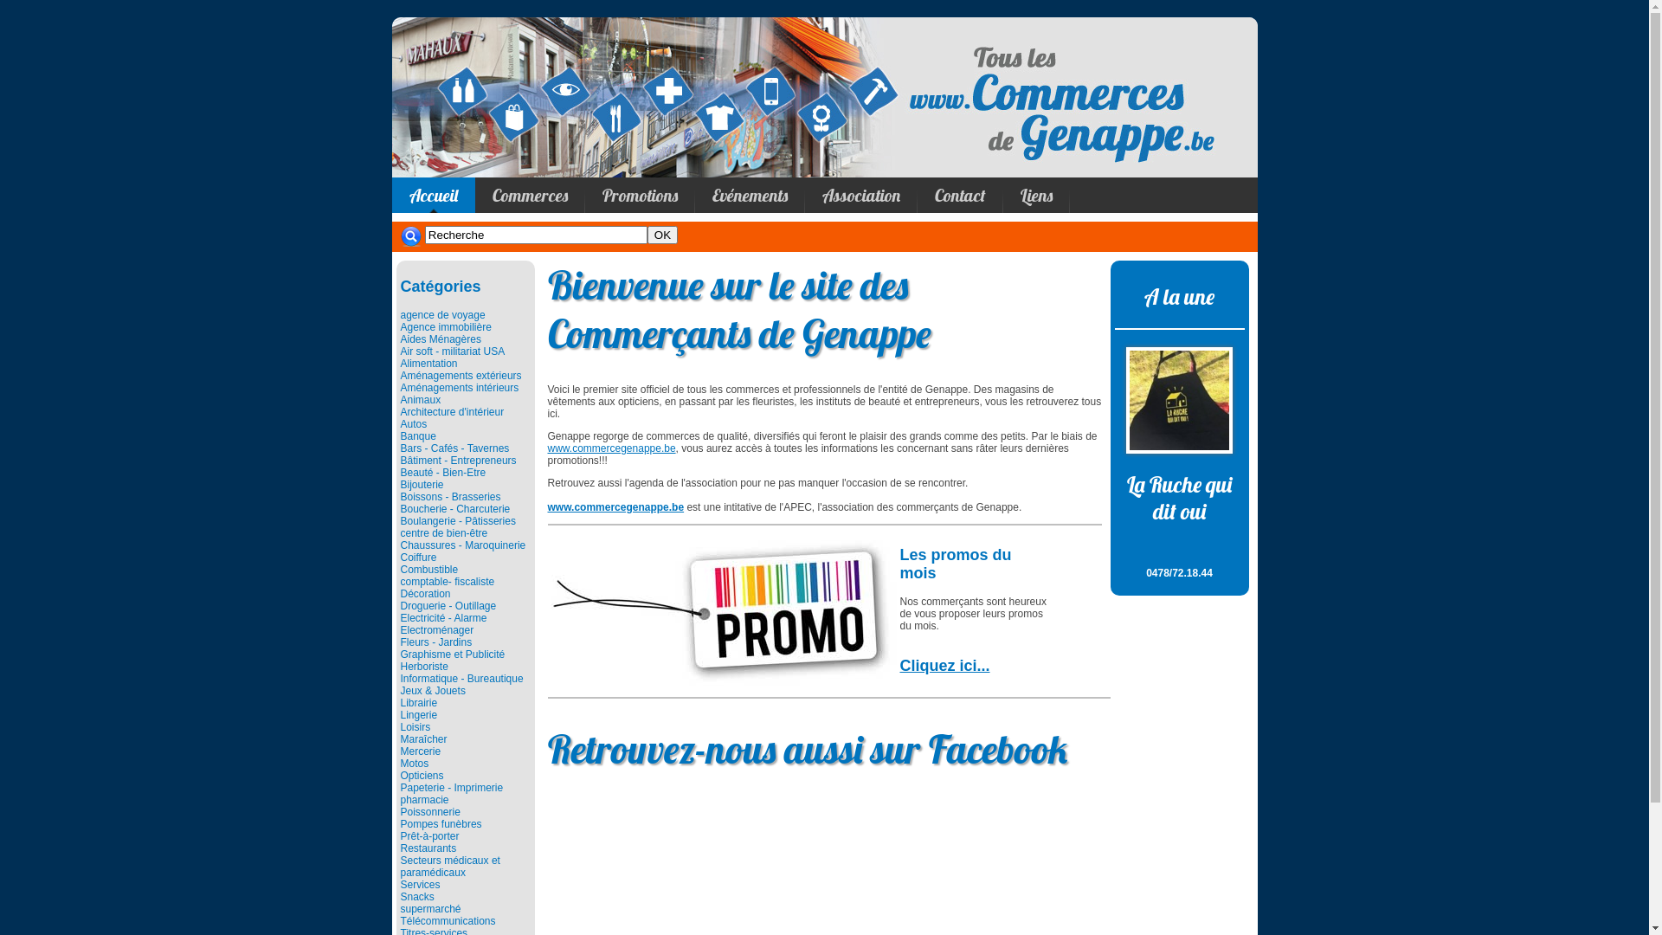 This screenshot has height=935, width=1662. I want to click on 'Loisirs', so click(414, 727).